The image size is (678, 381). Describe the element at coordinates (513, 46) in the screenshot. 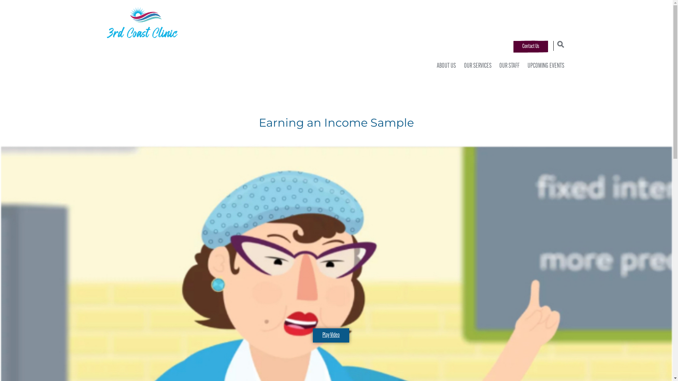

I see `'Contact Us'` at that location.